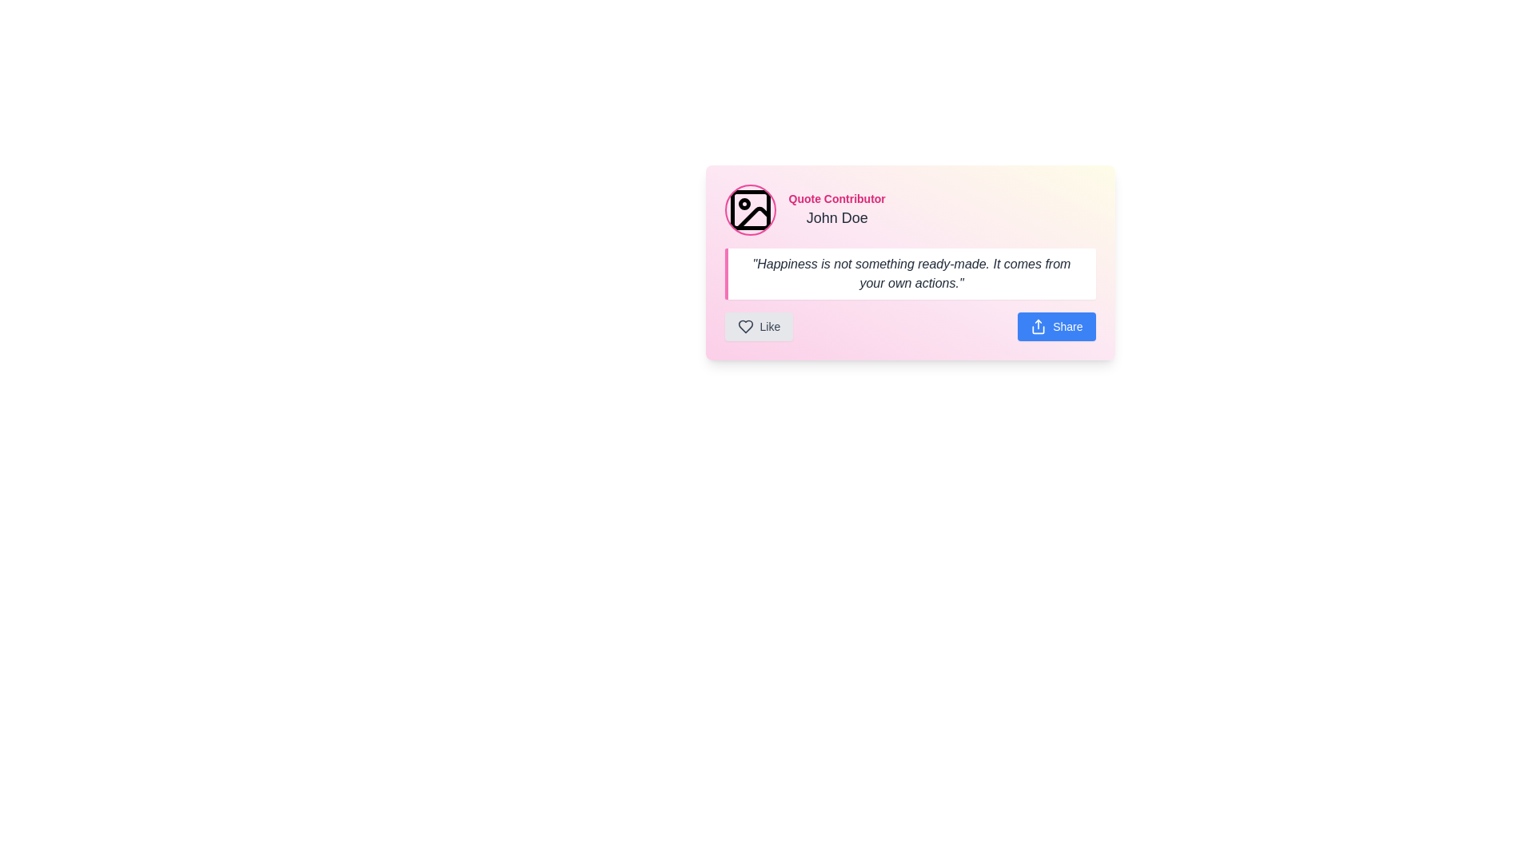  What do you see at coordinates (744, 325) in the screenshot?
I see `the 'Like' icon located to the left of the 'Like' button in the user interaction panel below the main content` at bounding box center [744, 325].